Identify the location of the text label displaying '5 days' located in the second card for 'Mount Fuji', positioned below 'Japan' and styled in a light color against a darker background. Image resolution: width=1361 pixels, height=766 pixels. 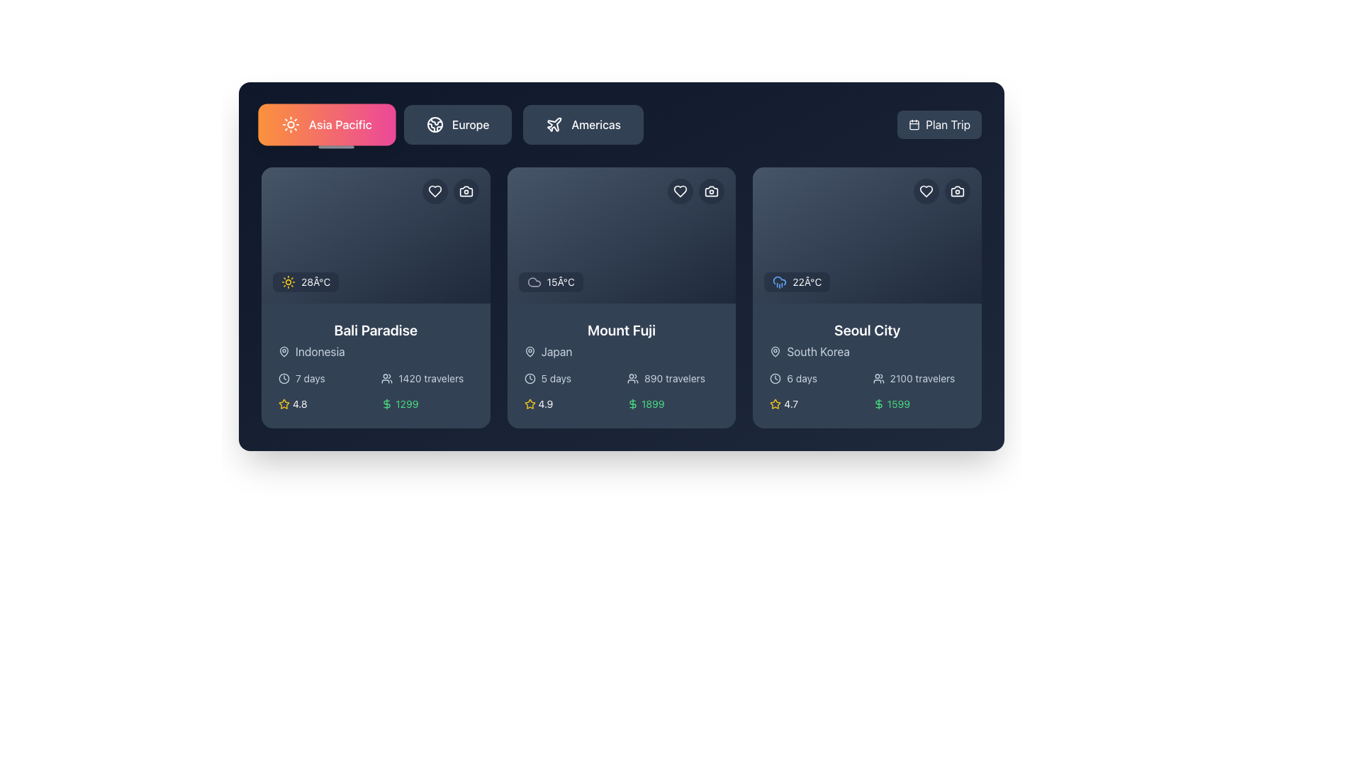
(555, 377).